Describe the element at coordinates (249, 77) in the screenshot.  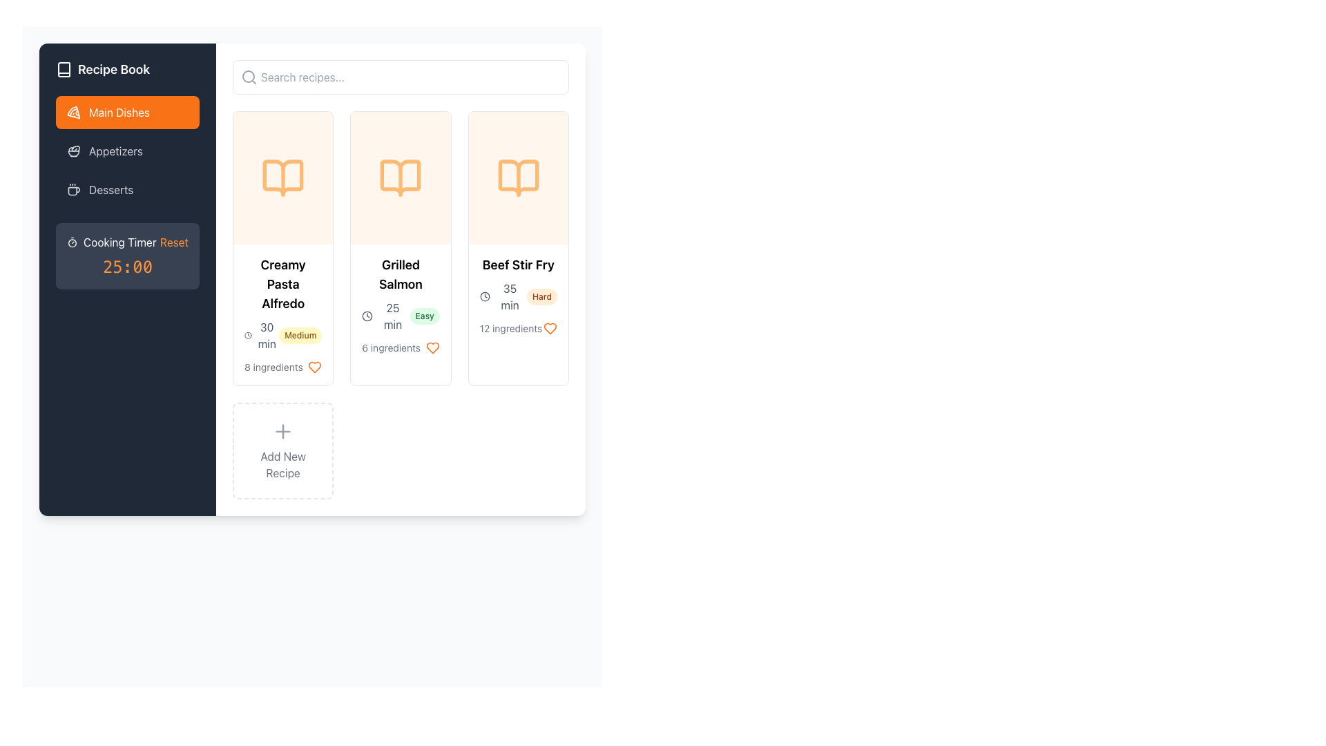
I see `the non-interactive vector graphic circle that is part of the magnifying glass icon located in the top-left area of the header bar` at that location.